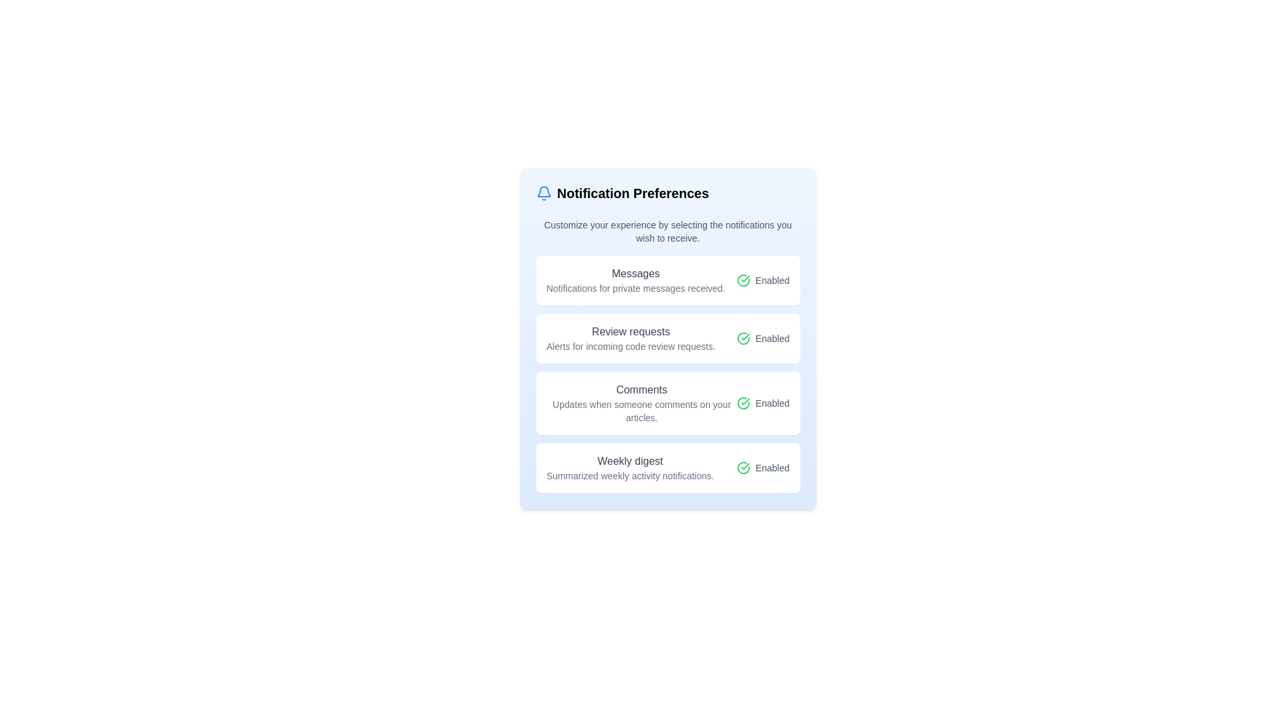  What do you see at coordinates (629, 467) in the screenshot?
I see `the text label that describes the weekly digest notification preference option, located in the fourth card from the top in the notification options list` at bounding box center [629, 467].